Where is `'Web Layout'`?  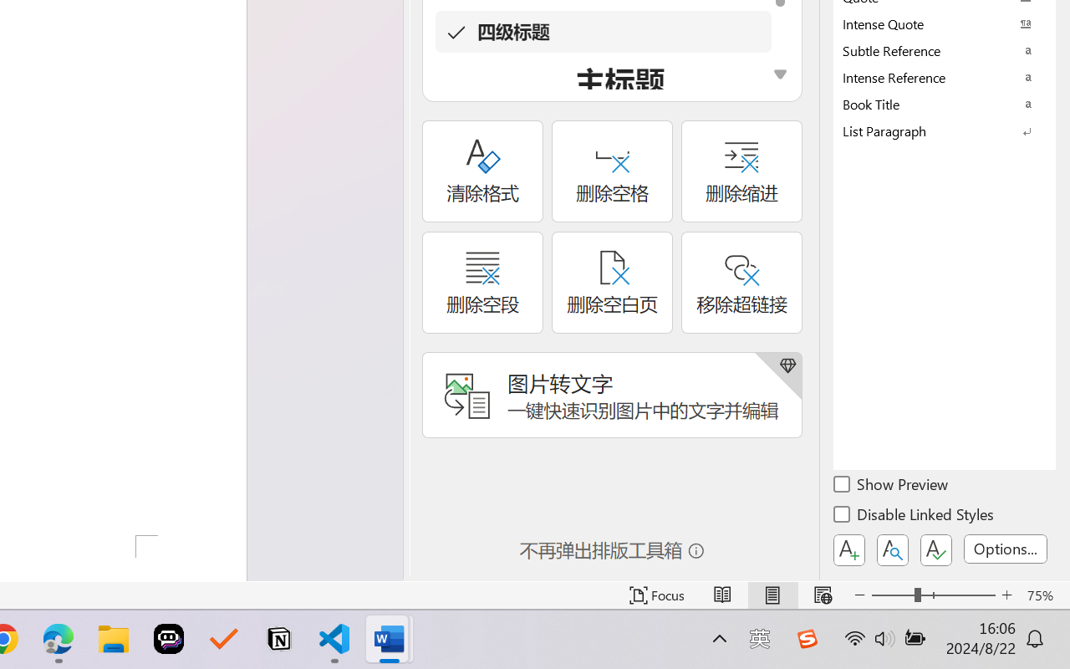 'Web Layout' is located at coordinates (823, 595).